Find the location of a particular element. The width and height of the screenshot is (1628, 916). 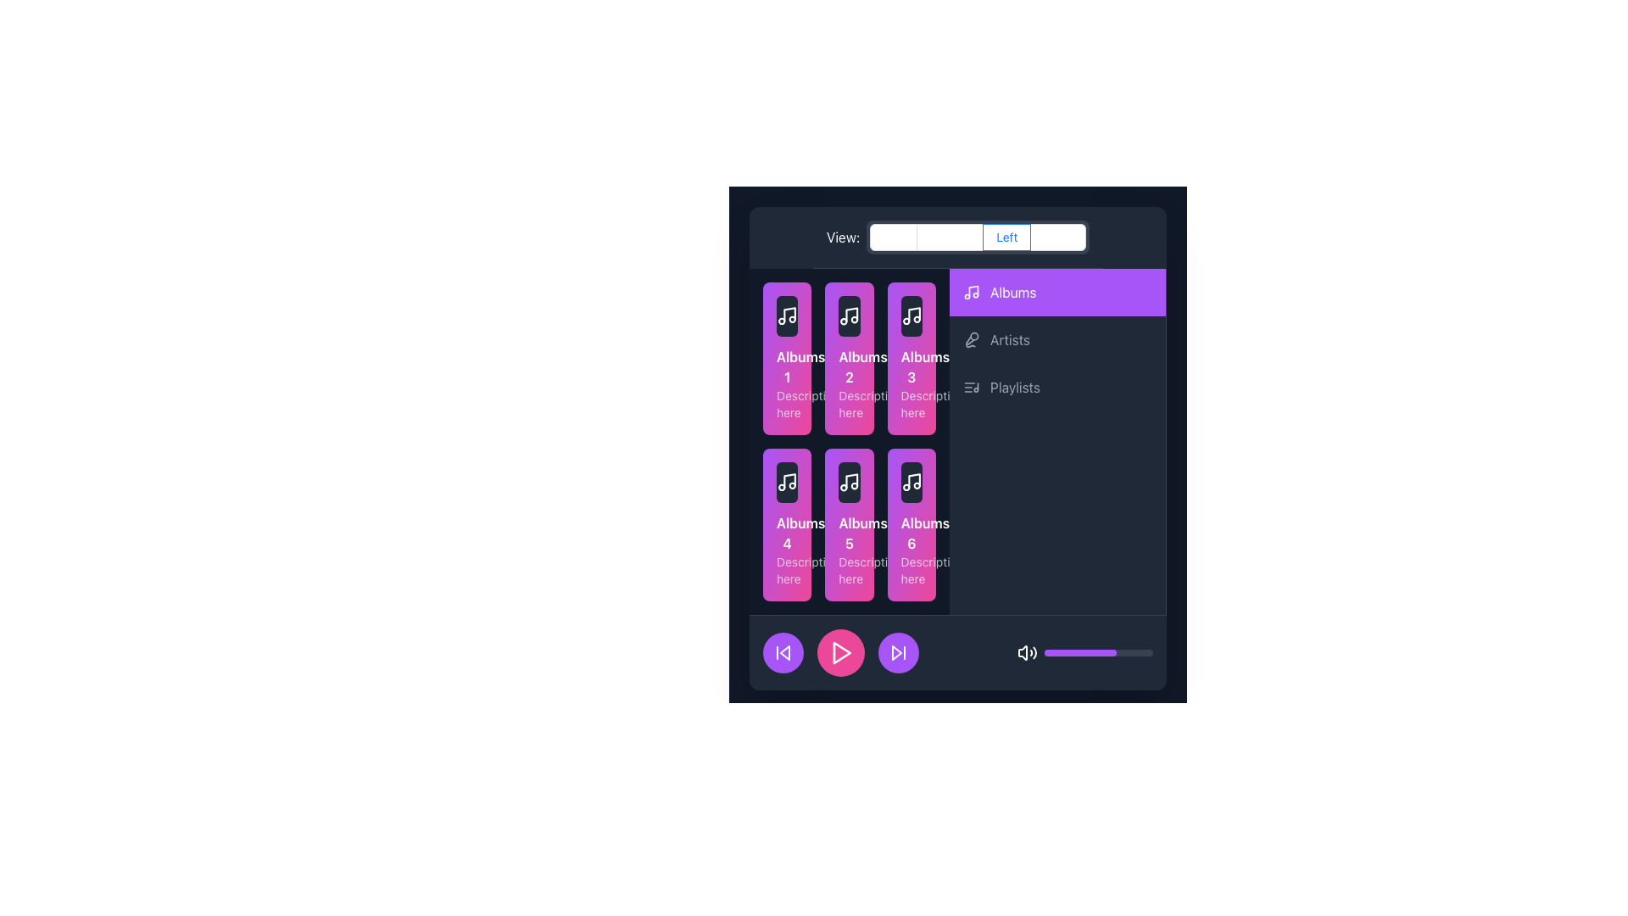

the circular pink button with a white play icon to change its shade is located at coordinates (841, 652).